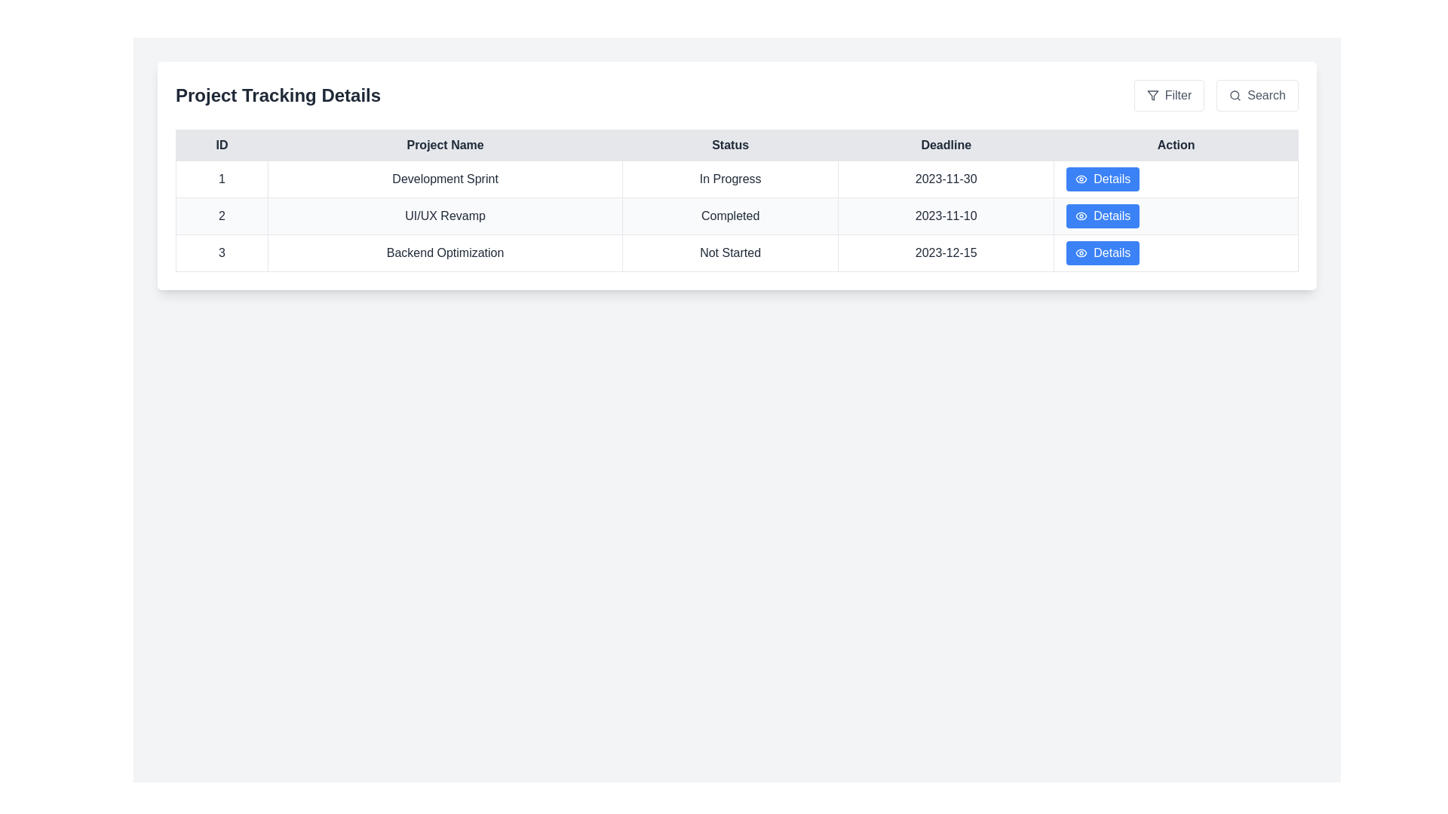 This screenshot has width=1448, height=814. I want to click on the 'Search' button, which is a rectangular button with rounded edges and a light gray background located, so click(1257, 96).